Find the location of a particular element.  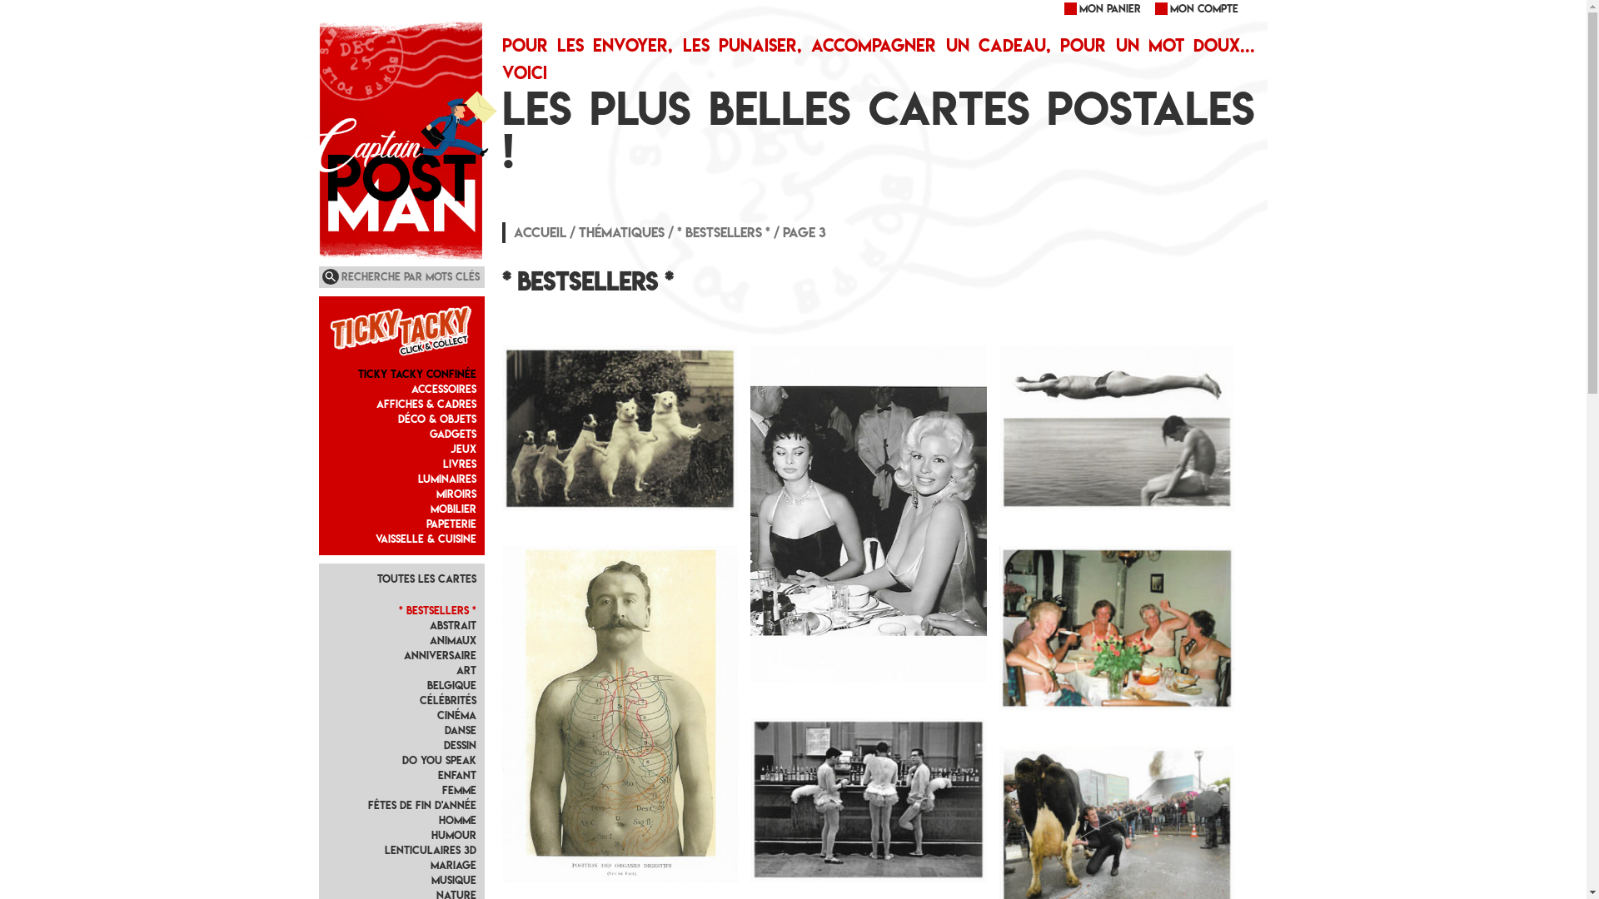

'Animaux' is located at coordinates (452, 639).